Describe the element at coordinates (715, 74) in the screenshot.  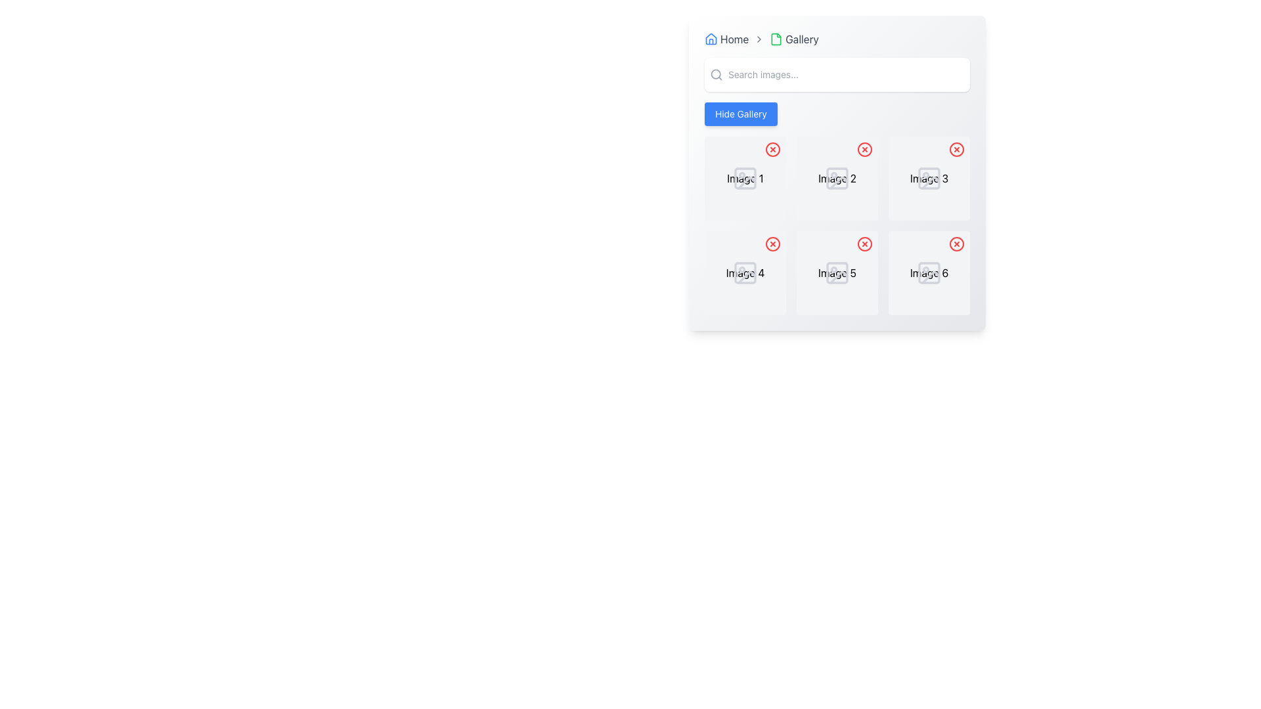
I see `the circular SVG element inside the search icon located at the top-left corner of the interface` at that location.